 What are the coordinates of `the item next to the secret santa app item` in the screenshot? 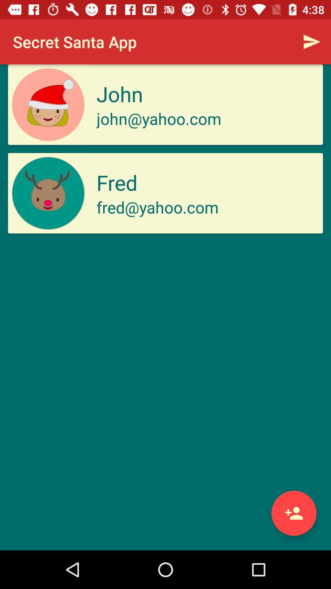 It's located at (312, 41).